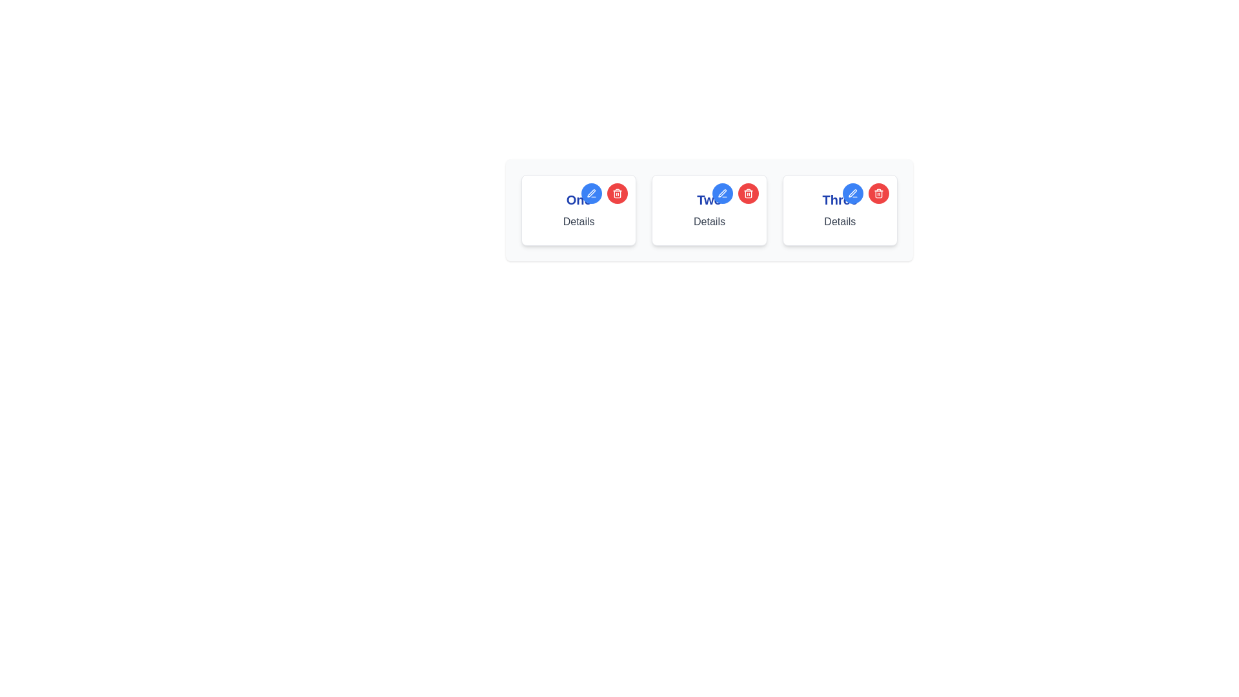 This screenshot has width=1239, height=697. What do you see at coordinates (591, 194) in the screenshot?
I see `the icon button that represents a pen within a circular blue background, located in the center card of a horizontally aligned set of three cards` at bounding box center [591, 194].